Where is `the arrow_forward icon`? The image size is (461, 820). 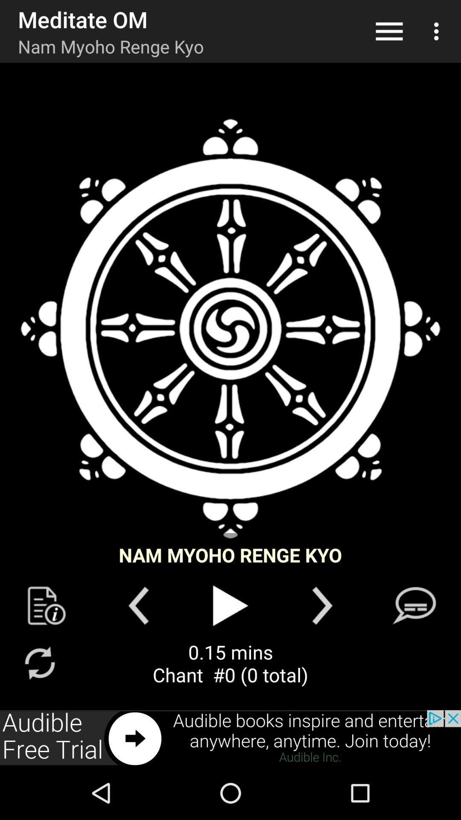 the arrow_forward icon is located at coordinates (322, 605).